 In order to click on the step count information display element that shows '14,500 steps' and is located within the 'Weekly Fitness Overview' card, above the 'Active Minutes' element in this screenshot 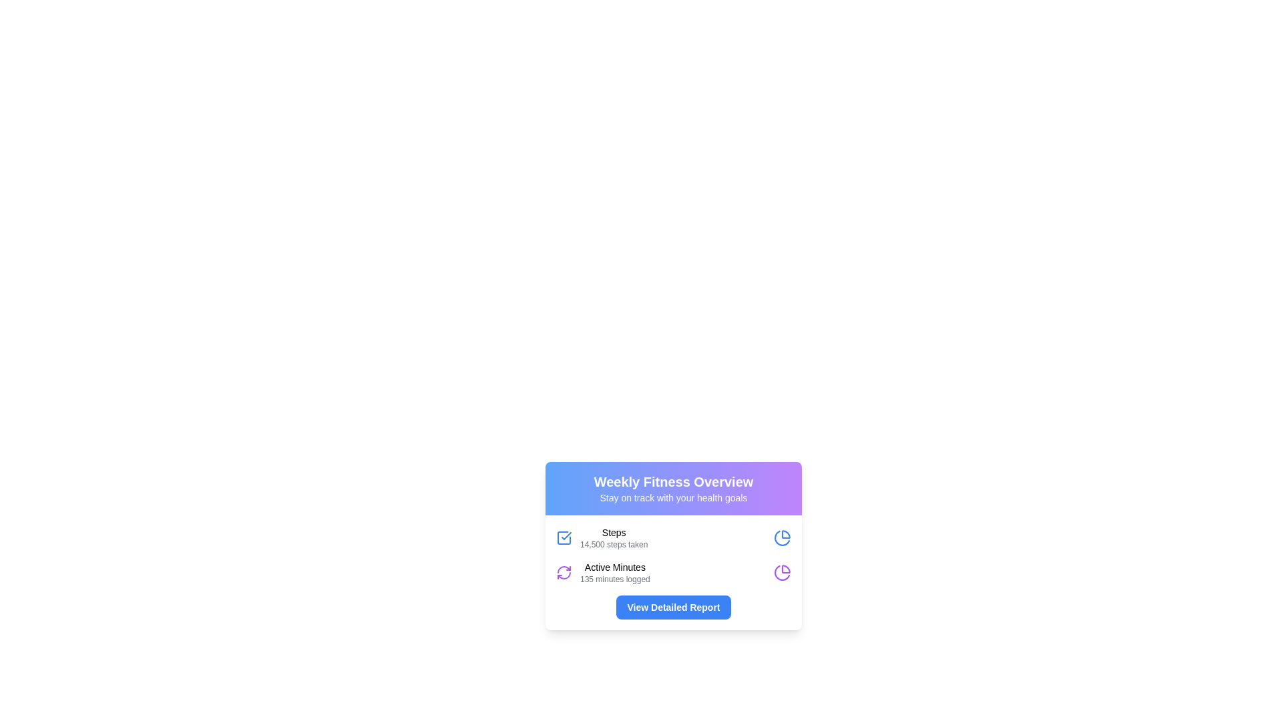, I will do `click(601, 537)`.